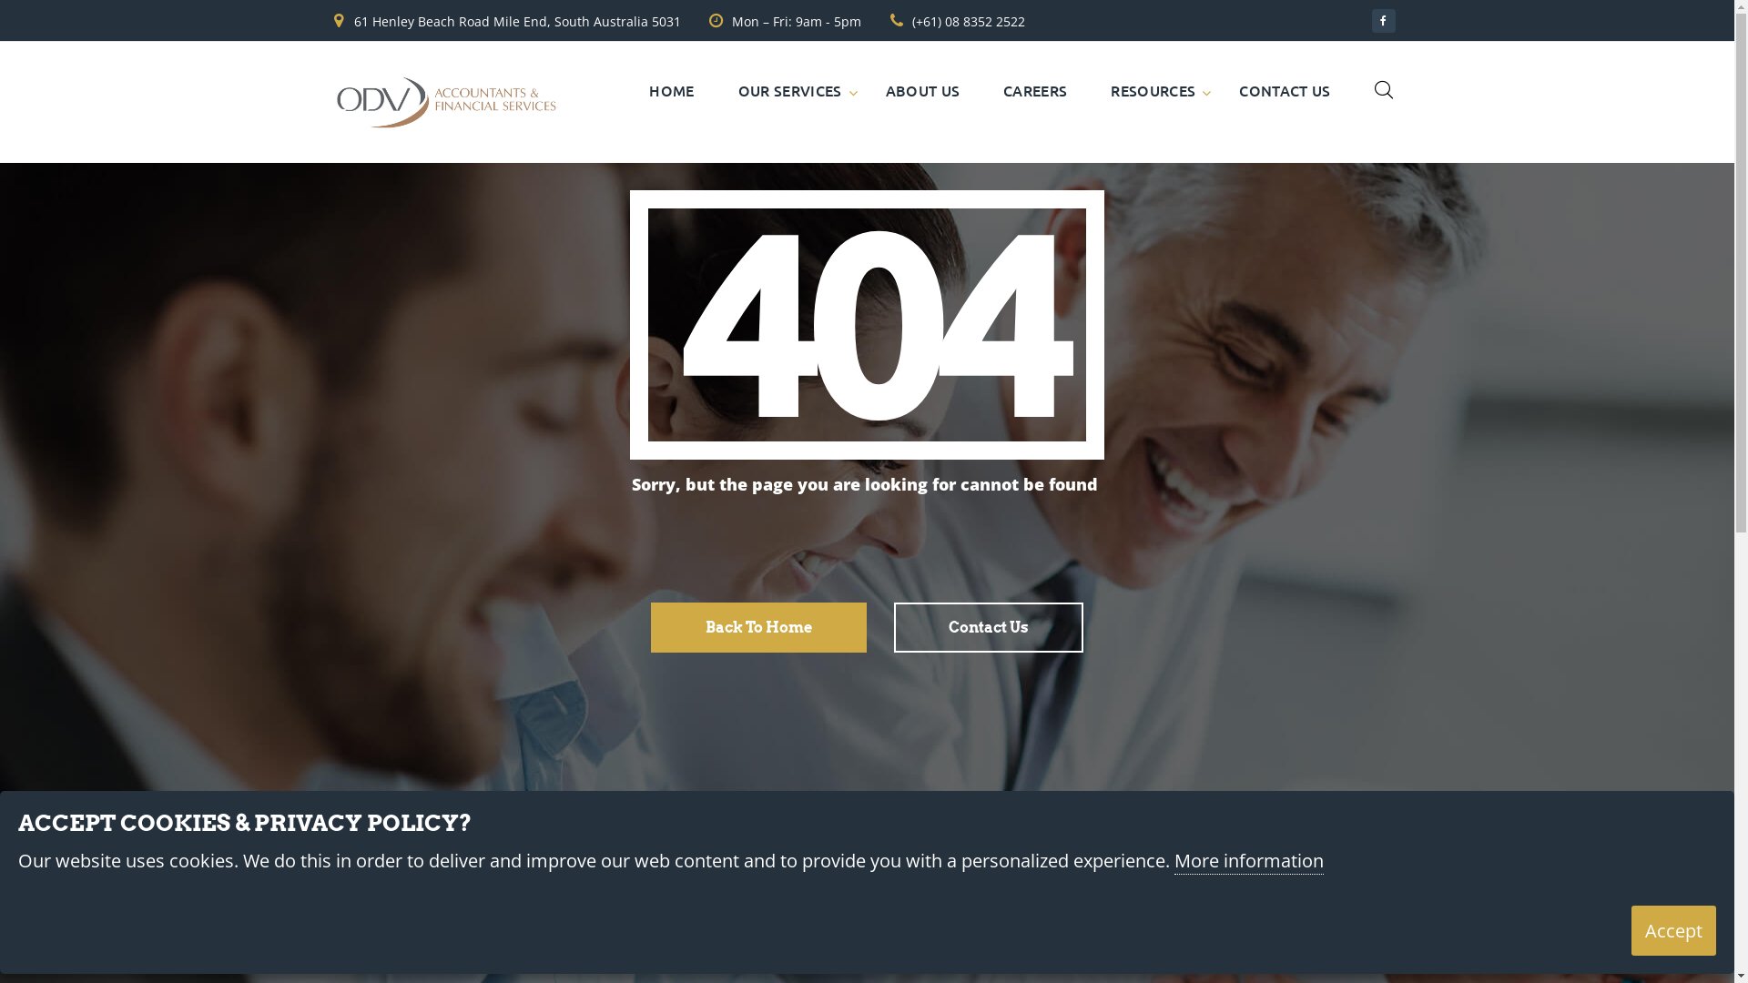 Image resolution: width=1748 pixels, height=983 pixels. I want to click on '(+61) 08 8352 2522', so click(968, 21).